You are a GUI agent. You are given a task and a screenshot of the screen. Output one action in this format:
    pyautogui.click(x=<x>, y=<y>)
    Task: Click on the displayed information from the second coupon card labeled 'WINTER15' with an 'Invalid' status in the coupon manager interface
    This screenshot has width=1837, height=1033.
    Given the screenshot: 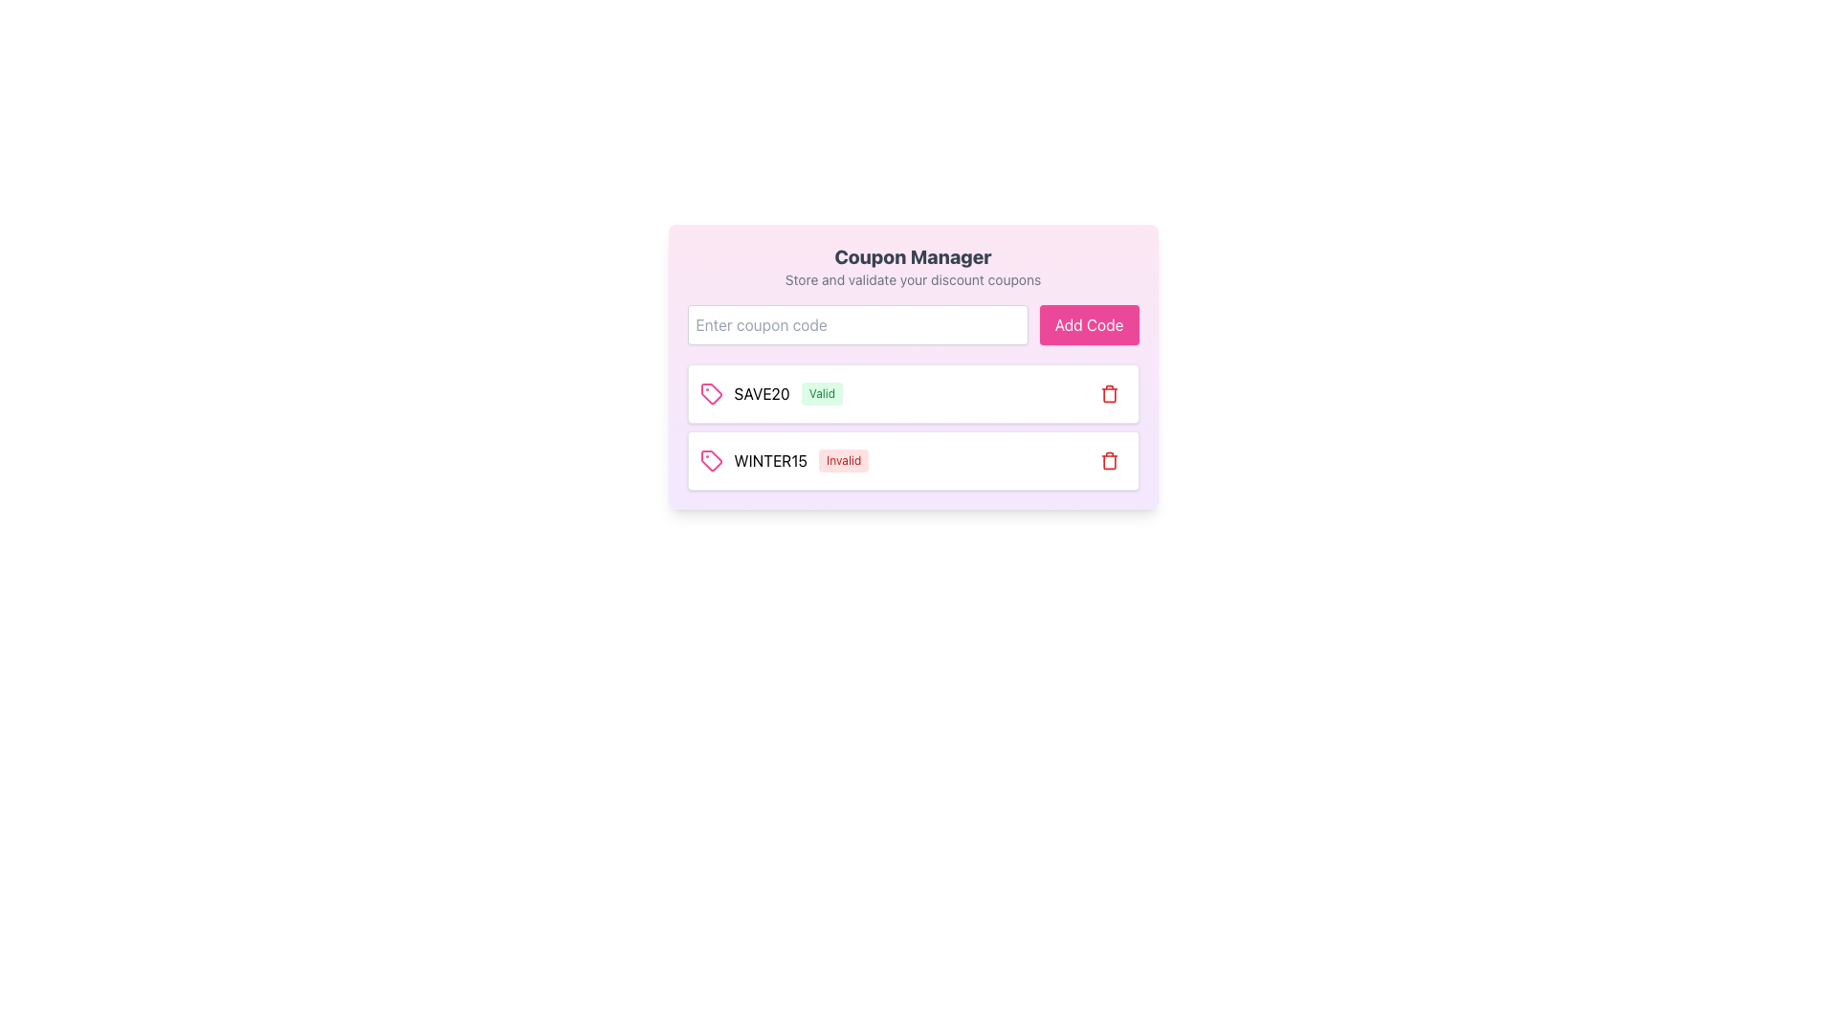 What is the action you would take?
    pyautogui.click(x=912, y=461)
    